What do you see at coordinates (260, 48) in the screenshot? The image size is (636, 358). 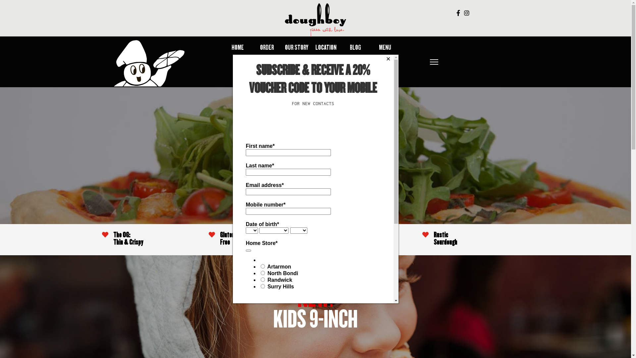 I see `'ORDER'` at bounding box center [260, 48].